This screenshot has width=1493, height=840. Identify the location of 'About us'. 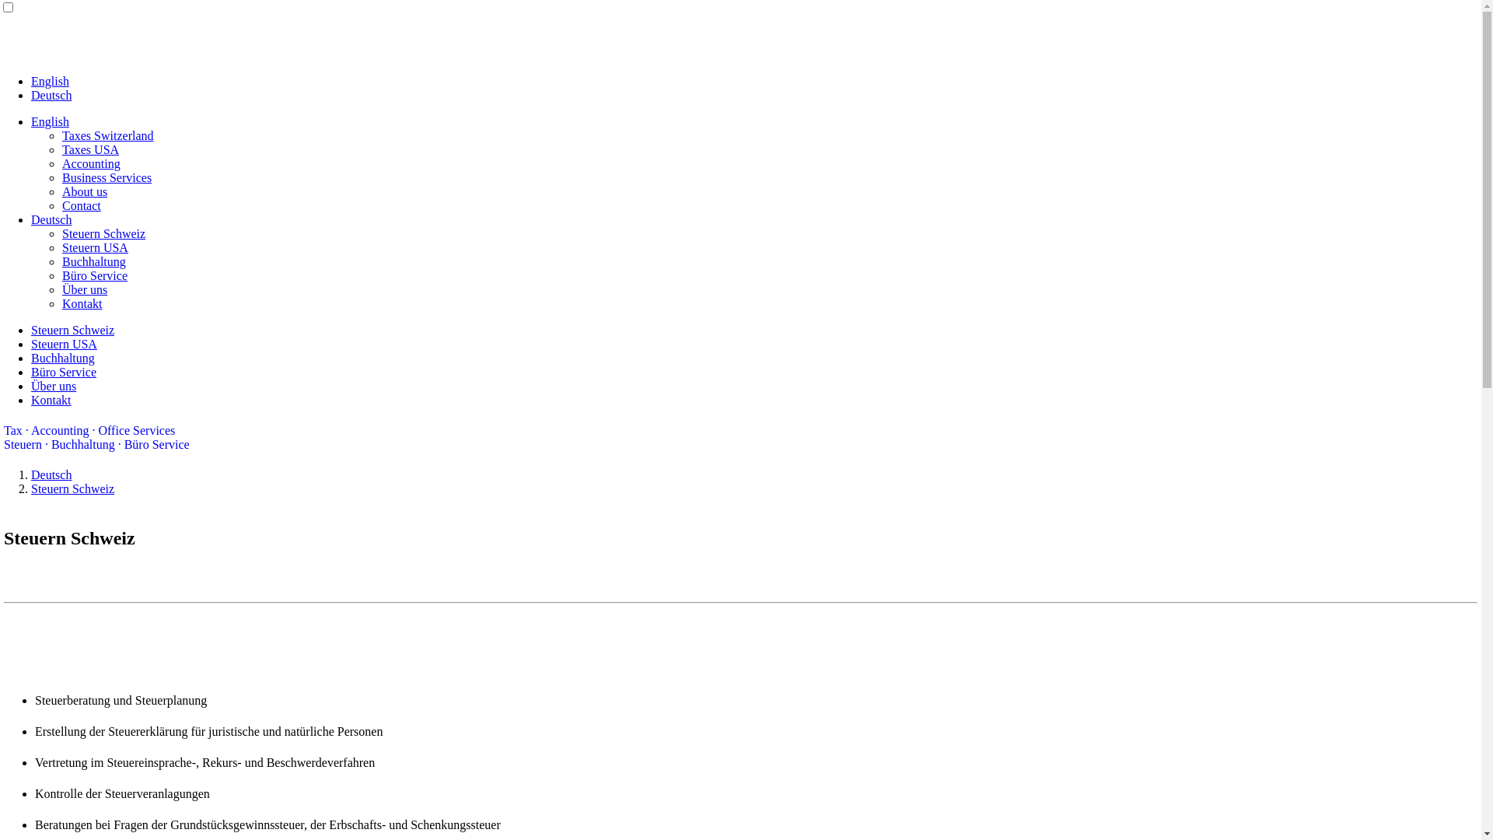
(62, 191).